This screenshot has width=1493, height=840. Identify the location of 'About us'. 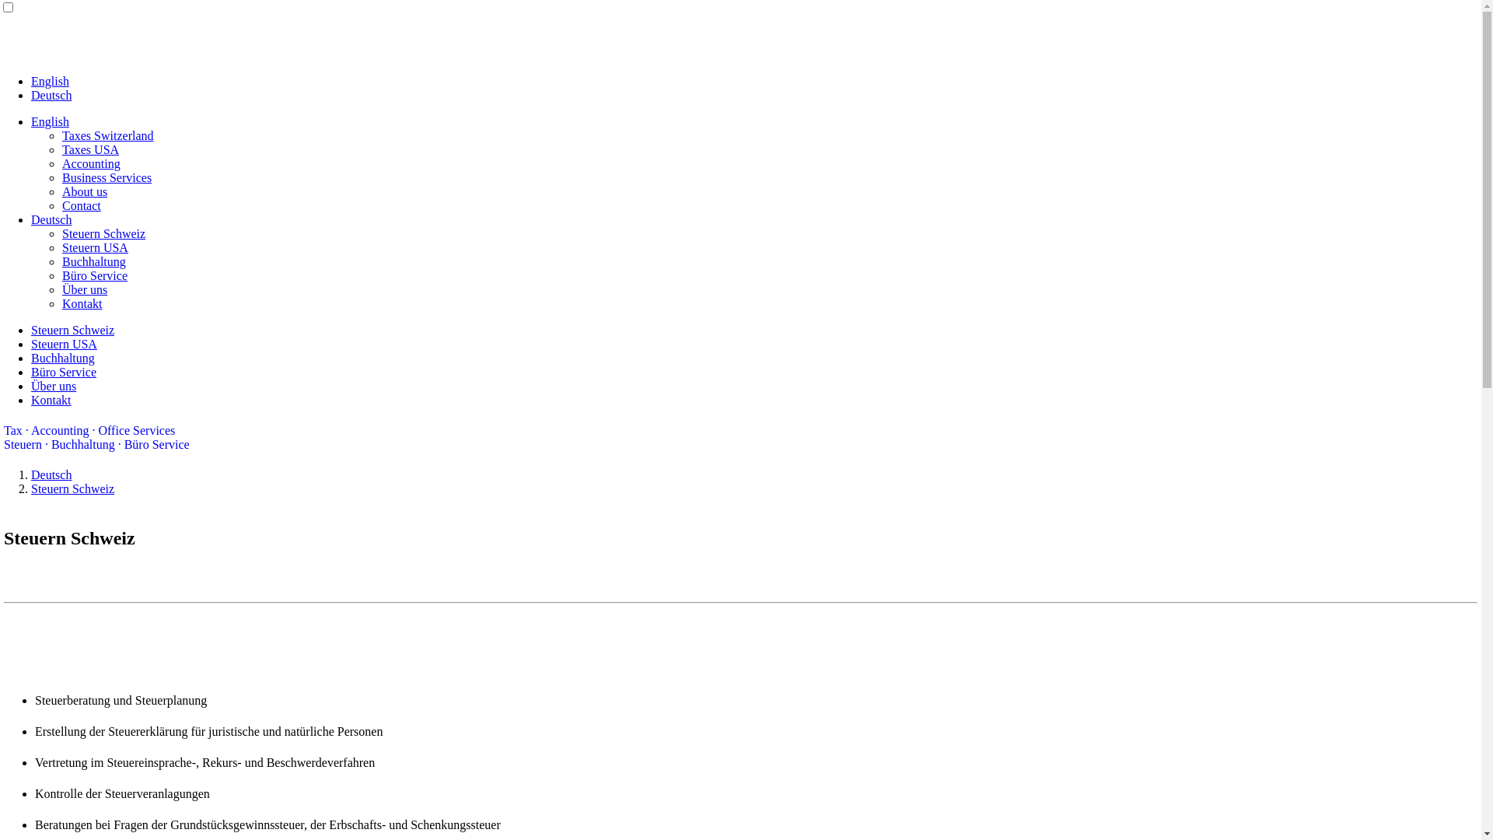
(62, 191).